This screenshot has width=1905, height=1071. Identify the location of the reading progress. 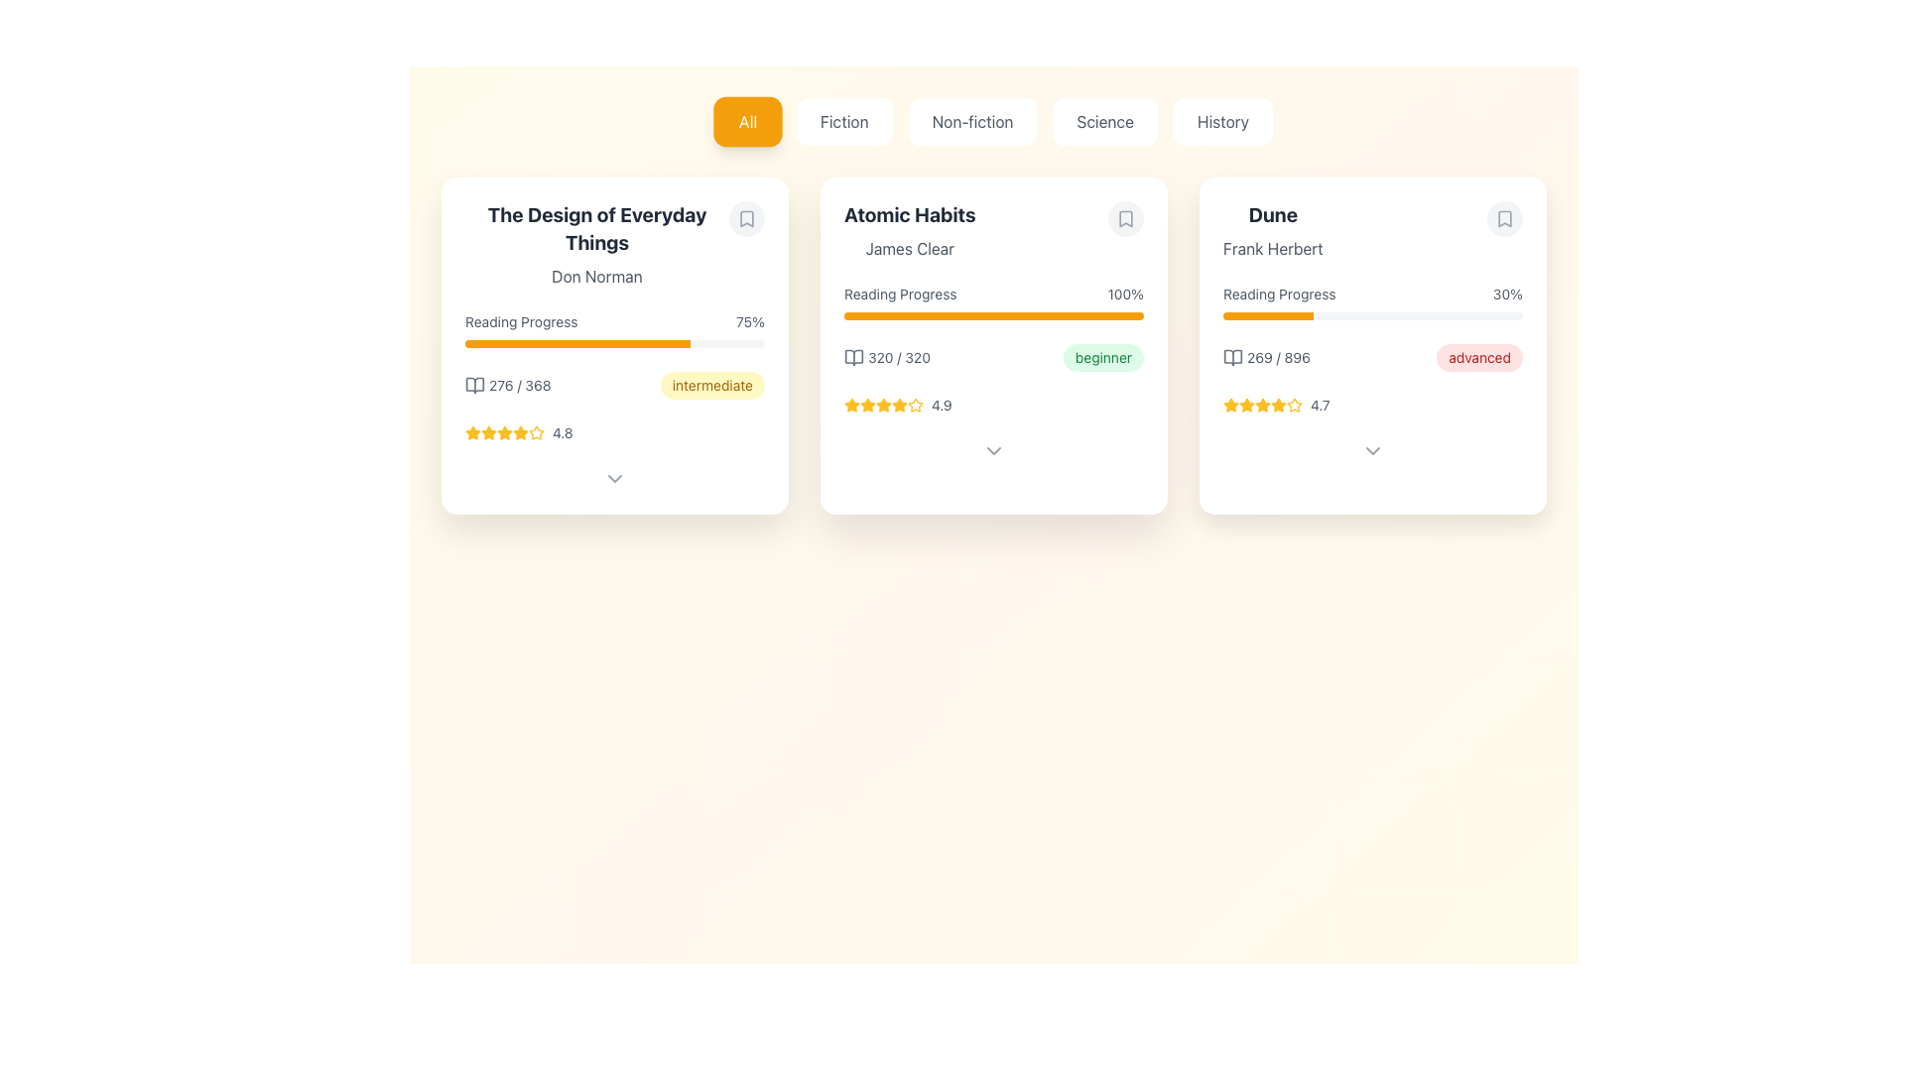
(1288, 315).